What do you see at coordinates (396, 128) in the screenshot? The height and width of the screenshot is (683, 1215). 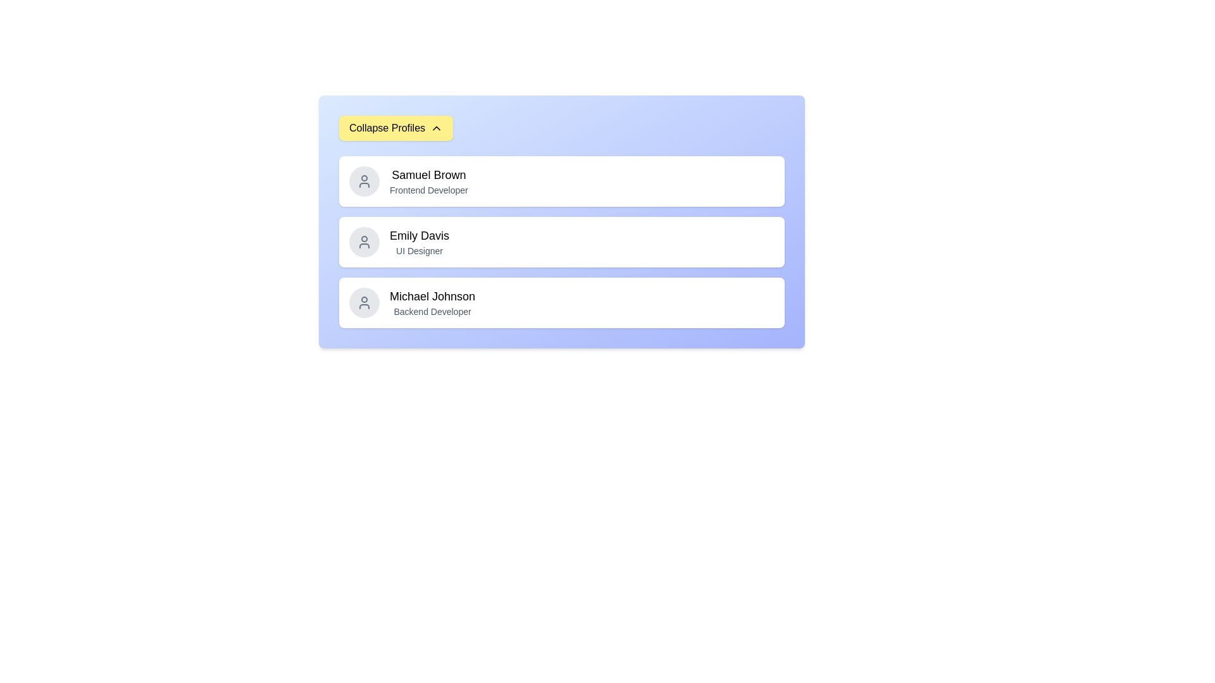 I see `the rectangular button with a yellow background labeled 'Collapse Profiles'` at bounding box center [396, 128].